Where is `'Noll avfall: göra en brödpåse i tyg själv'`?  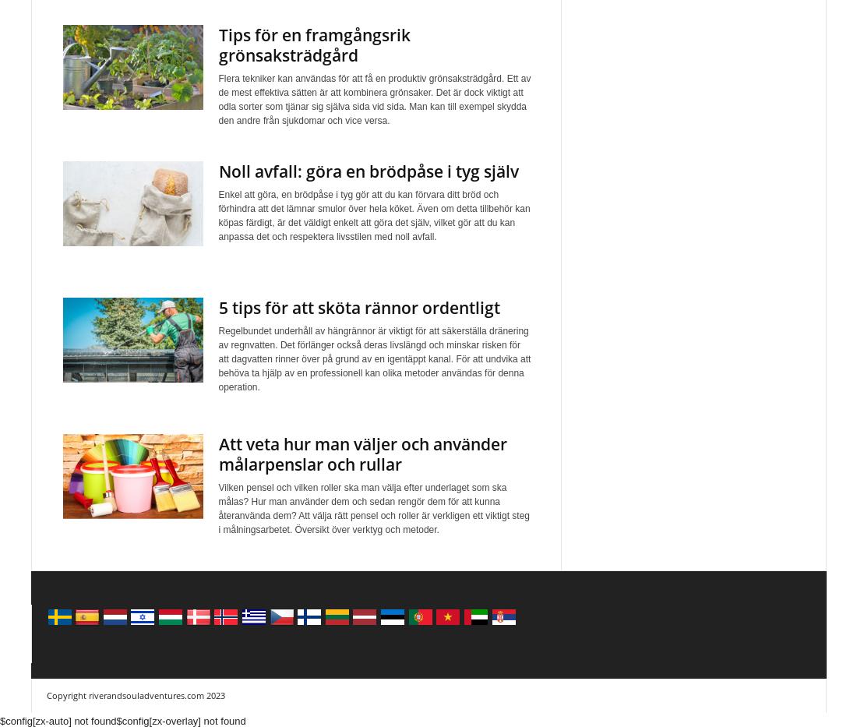
'Noll avfall: göra en brödpåse i tyg själv' is located at coordinates (367, 171).